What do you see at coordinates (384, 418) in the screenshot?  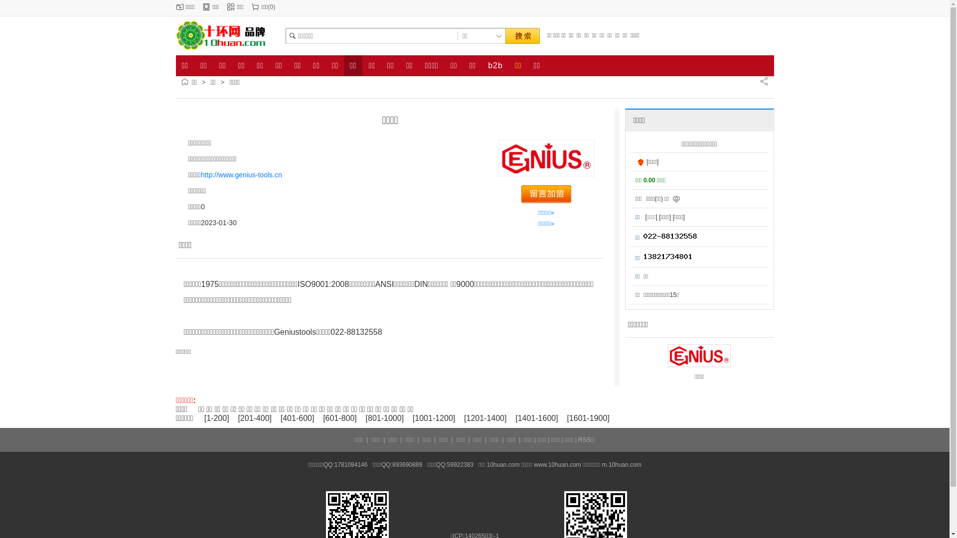 I see `'801-1000'` at bounding box center [384, 418].